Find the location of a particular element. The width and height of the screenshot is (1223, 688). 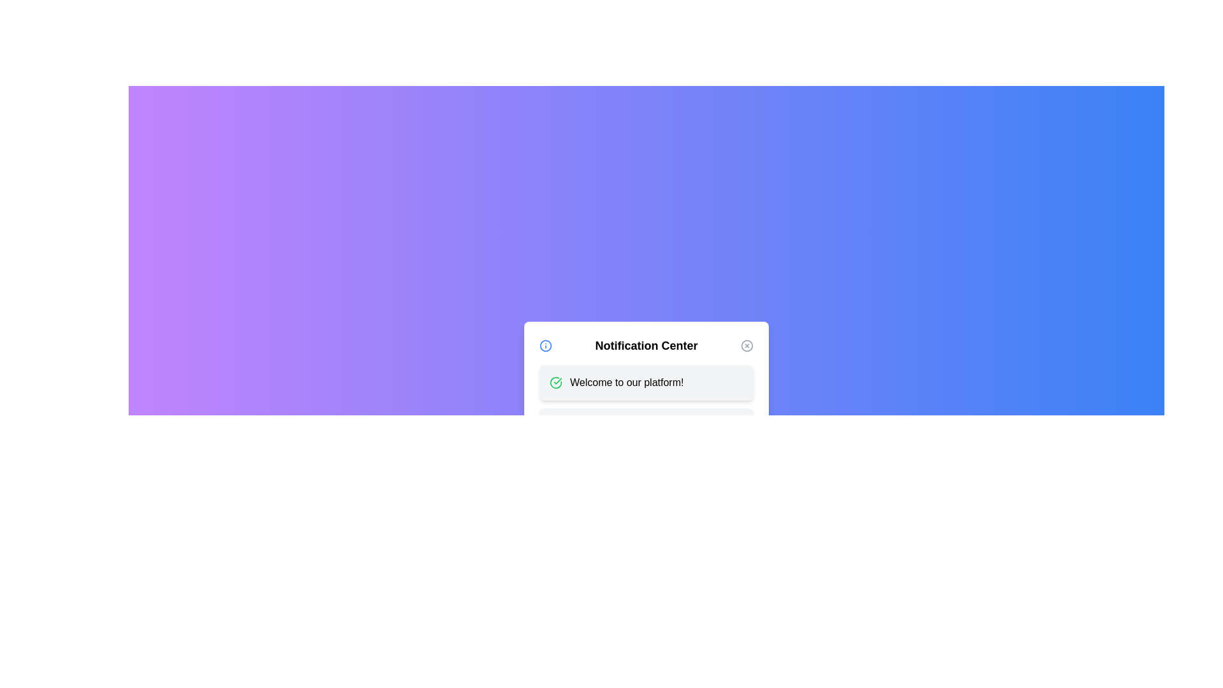

the first notification box in the notification center that has a gray background, rounded corners, and contains the text 'Welcome to our platform!' is located at coordinates (646, 382).